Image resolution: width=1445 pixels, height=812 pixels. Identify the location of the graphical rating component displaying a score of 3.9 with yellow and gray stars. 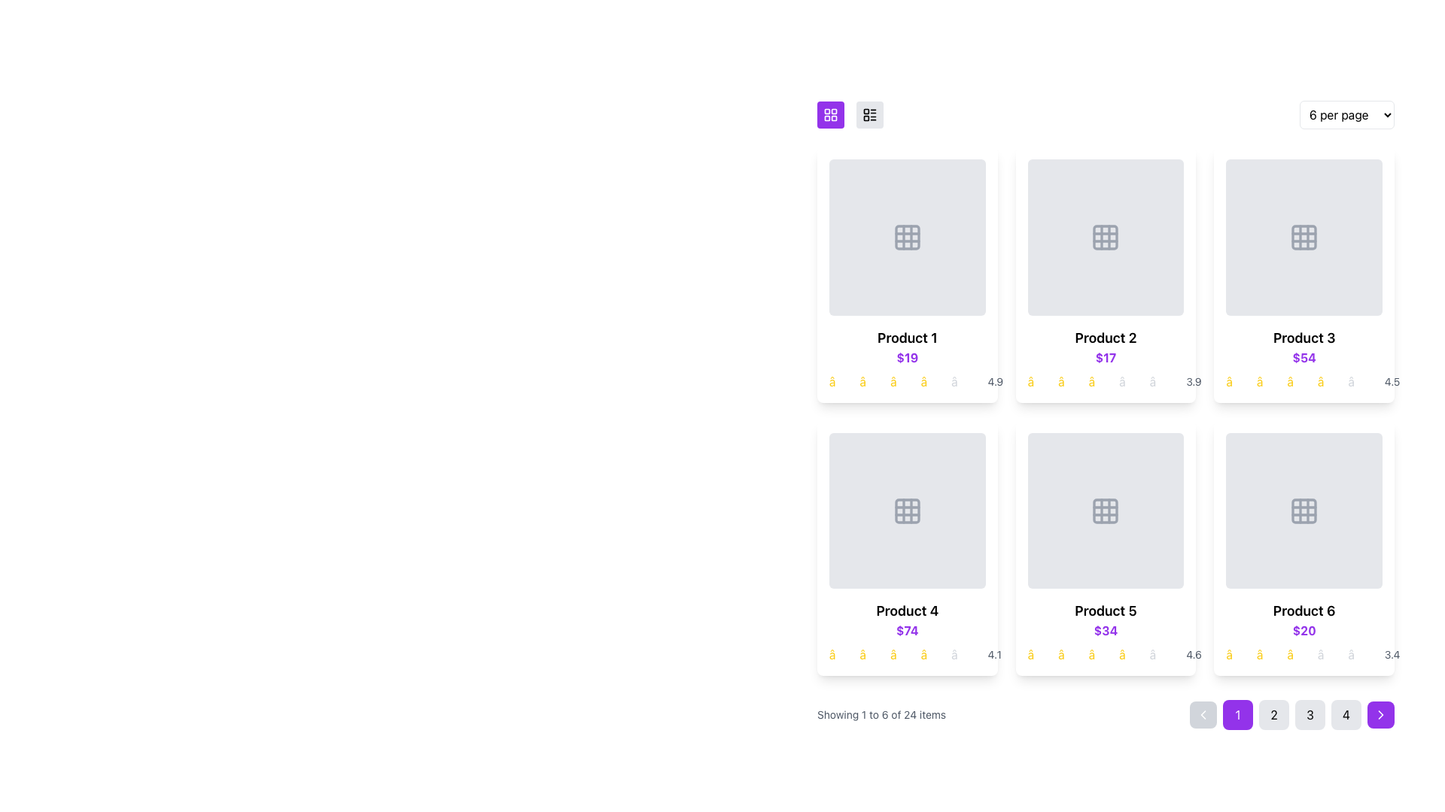
(1106, 380).